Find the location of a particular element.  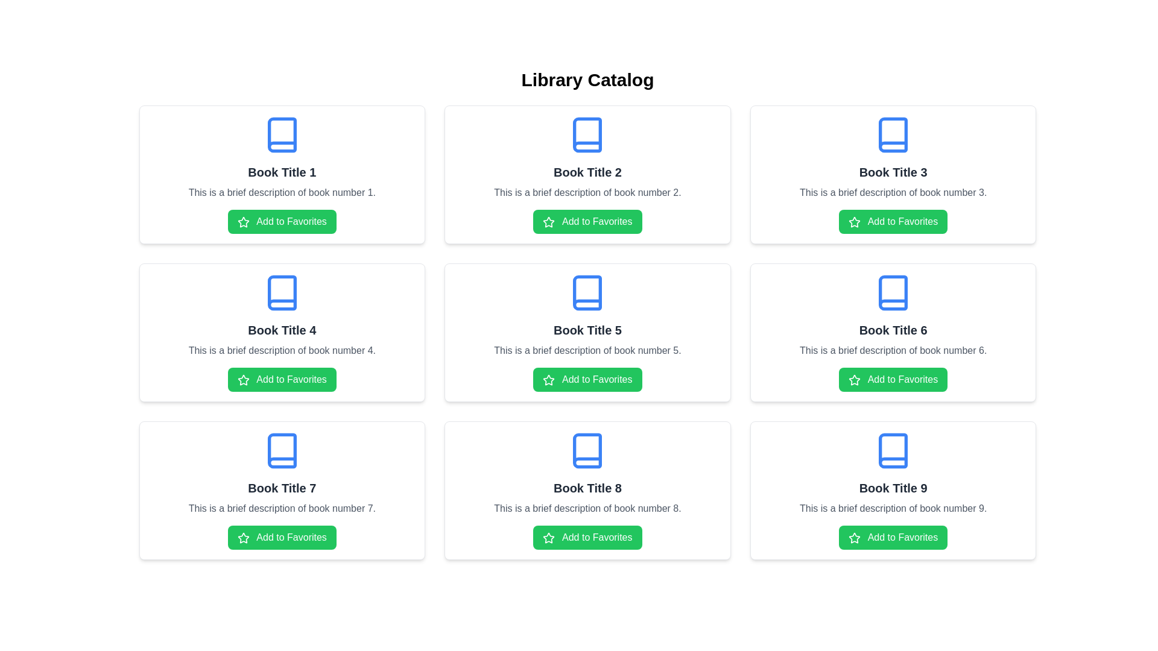

the blue book icon that is part of the card layout representing 'Book Title 5', located at the top center of the card is located at coordinates (587, 293).